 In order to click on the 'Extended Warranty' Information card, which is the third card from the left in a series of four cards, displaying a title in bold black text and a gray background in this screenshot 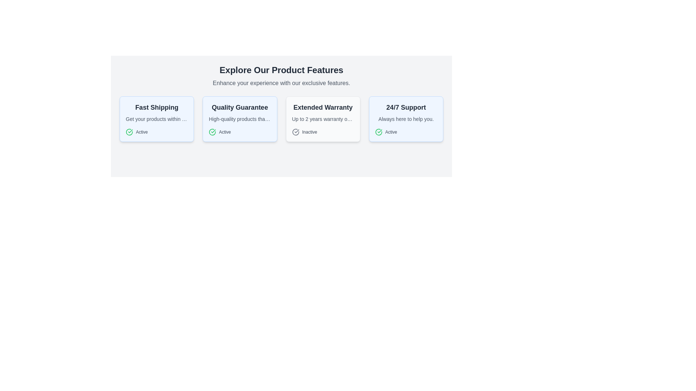, I will do `click(323, 118)`.